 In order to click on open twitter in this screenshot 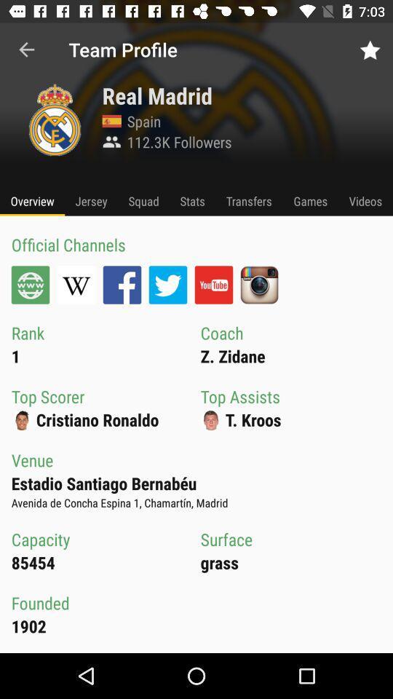, I will do `click(167, 284)`.